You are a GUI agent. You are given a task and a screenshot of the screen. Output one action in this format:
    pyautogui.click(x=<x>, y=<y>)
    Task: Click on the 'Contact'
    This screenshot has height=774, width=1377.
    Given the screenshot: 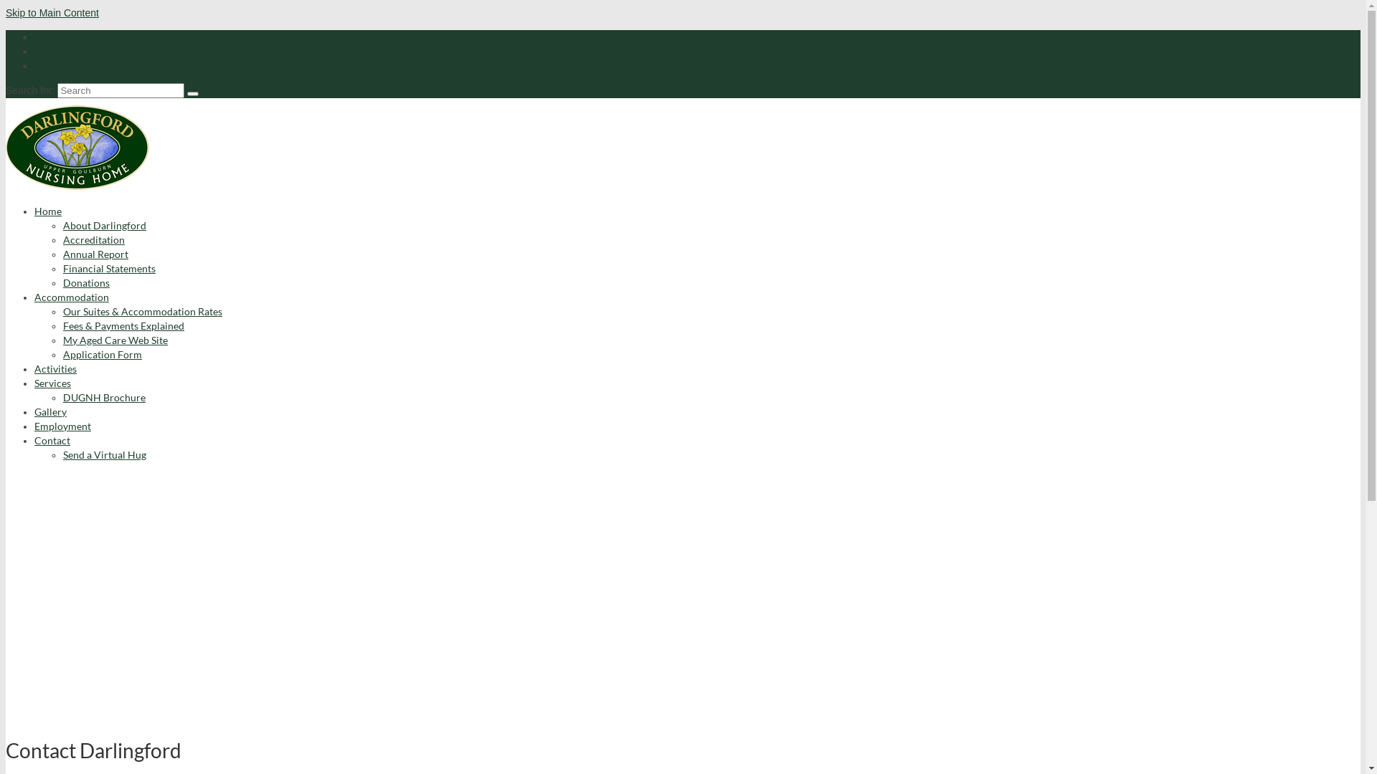 What is the action you would take?
    pyautogui.click(x=34, y=439)
    